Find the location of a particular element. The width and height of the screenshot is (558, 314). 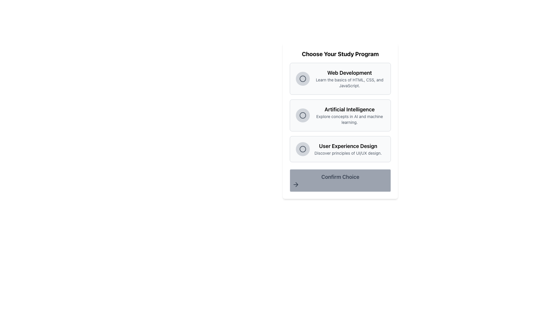

the bold, large, centered heading that reads 'Choose Your Study Program', which is located at the top of the study program options section is located at coordinates (340, 54).